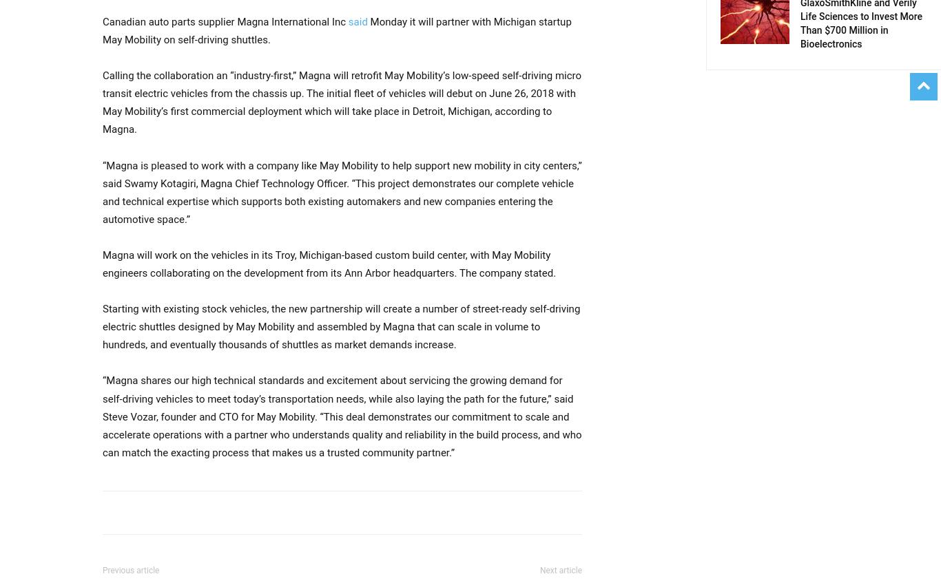 The height and width of the screenshot is (585, 941). What do you see at coordinates (342, 416) in the screenshot?
I see `'“Magna shares our high technical standards and excitement about servicing the growing demand for self-driving vehicles to meet today’s transportation needs, while also laying the path for the future,” said Steve Vozar, founder and CTO for May Mobility. “This deal demonstrates our commitment to scale and accelerate operations with a partner who understands quality and reliability in the build process, and who can match the exacting process that makes us a trusted community partner.”'` at bounding box center [342, 416].